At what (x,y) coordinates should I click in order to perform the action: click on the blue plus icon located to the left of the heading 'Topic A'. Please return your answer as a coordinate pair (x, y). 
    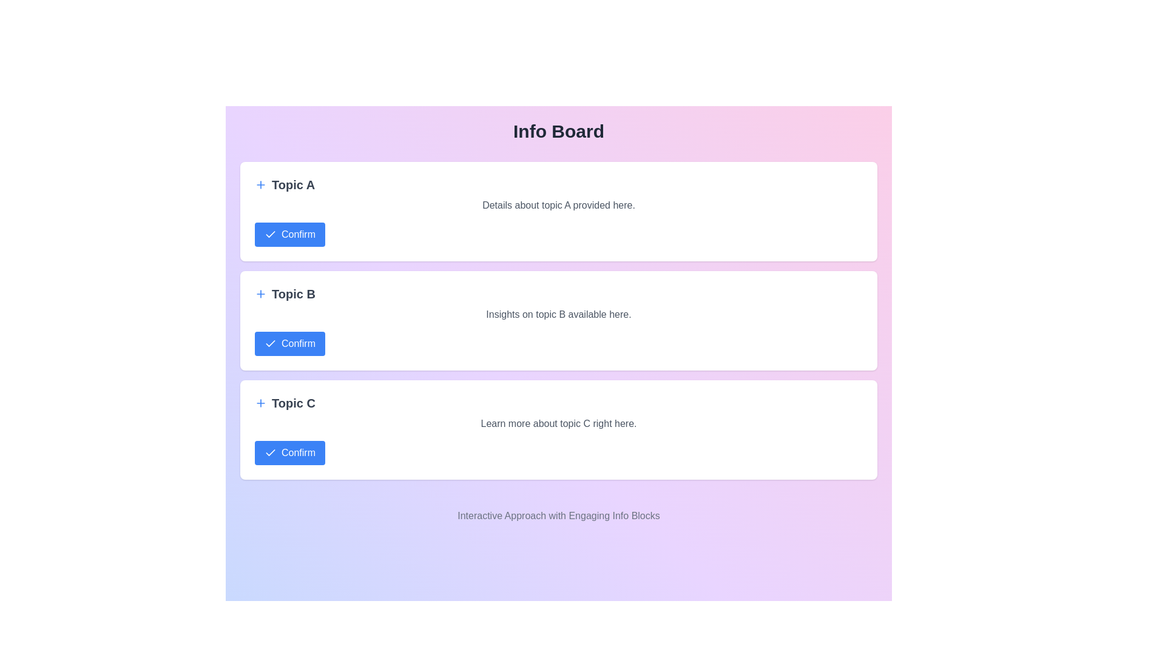
    Looking at the image, I should click on (260, 184).